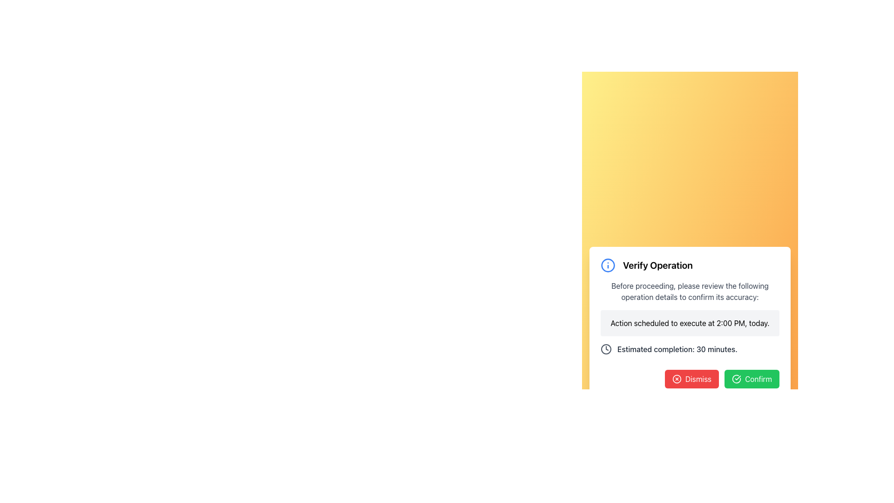 This screenshot has width=894, height=503. What do you see at coordinates (691, 379) in the screenshot?
I see `the red rectangular 'Dismiss' button located at the bottom-right corner of the confirmation card` at bounding box center [691, 379].